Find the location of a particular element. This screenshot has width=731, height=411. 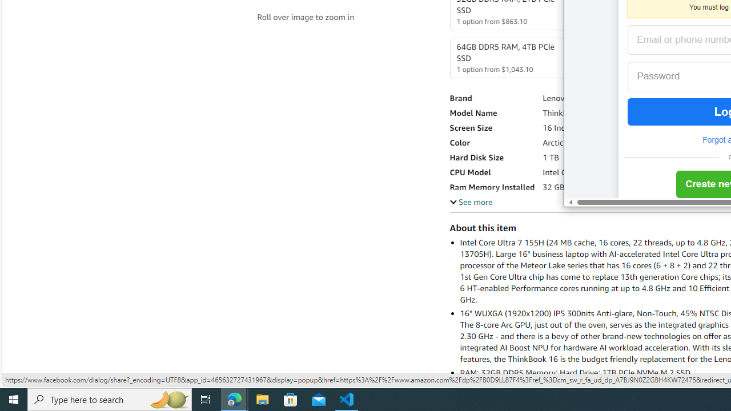

'File Explorer' is located at coordinates (262, 398).